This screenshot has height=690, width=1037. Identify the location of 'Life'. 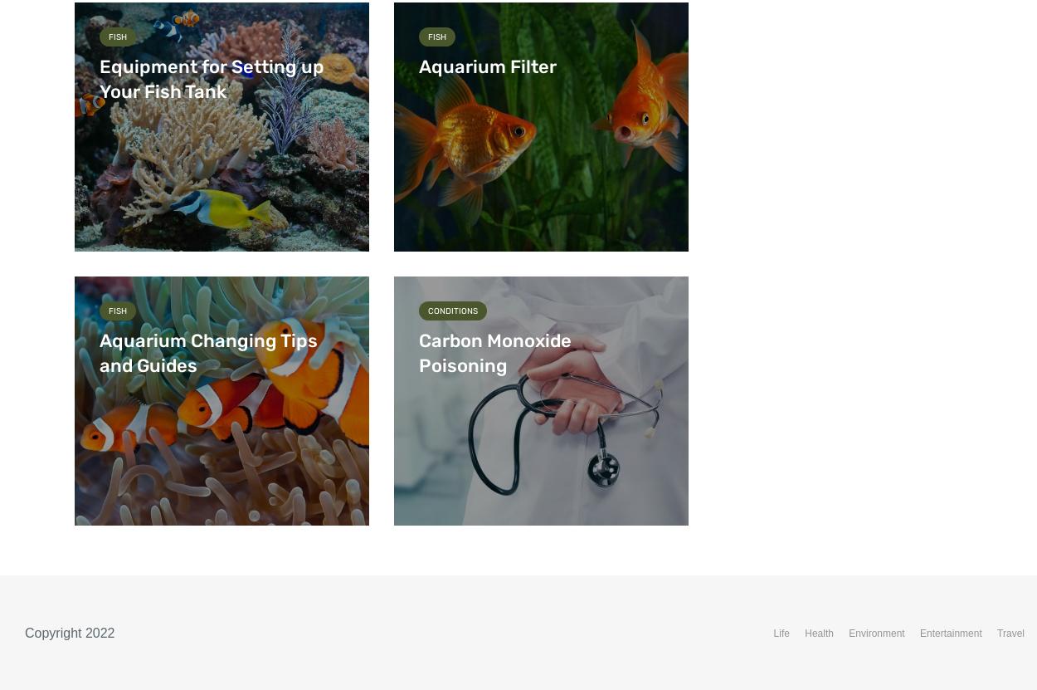
(780, 634).